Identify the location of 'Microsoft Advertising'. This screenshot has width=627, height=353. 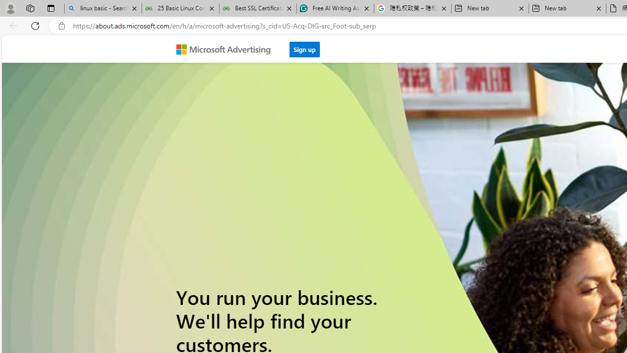
(227, 49).